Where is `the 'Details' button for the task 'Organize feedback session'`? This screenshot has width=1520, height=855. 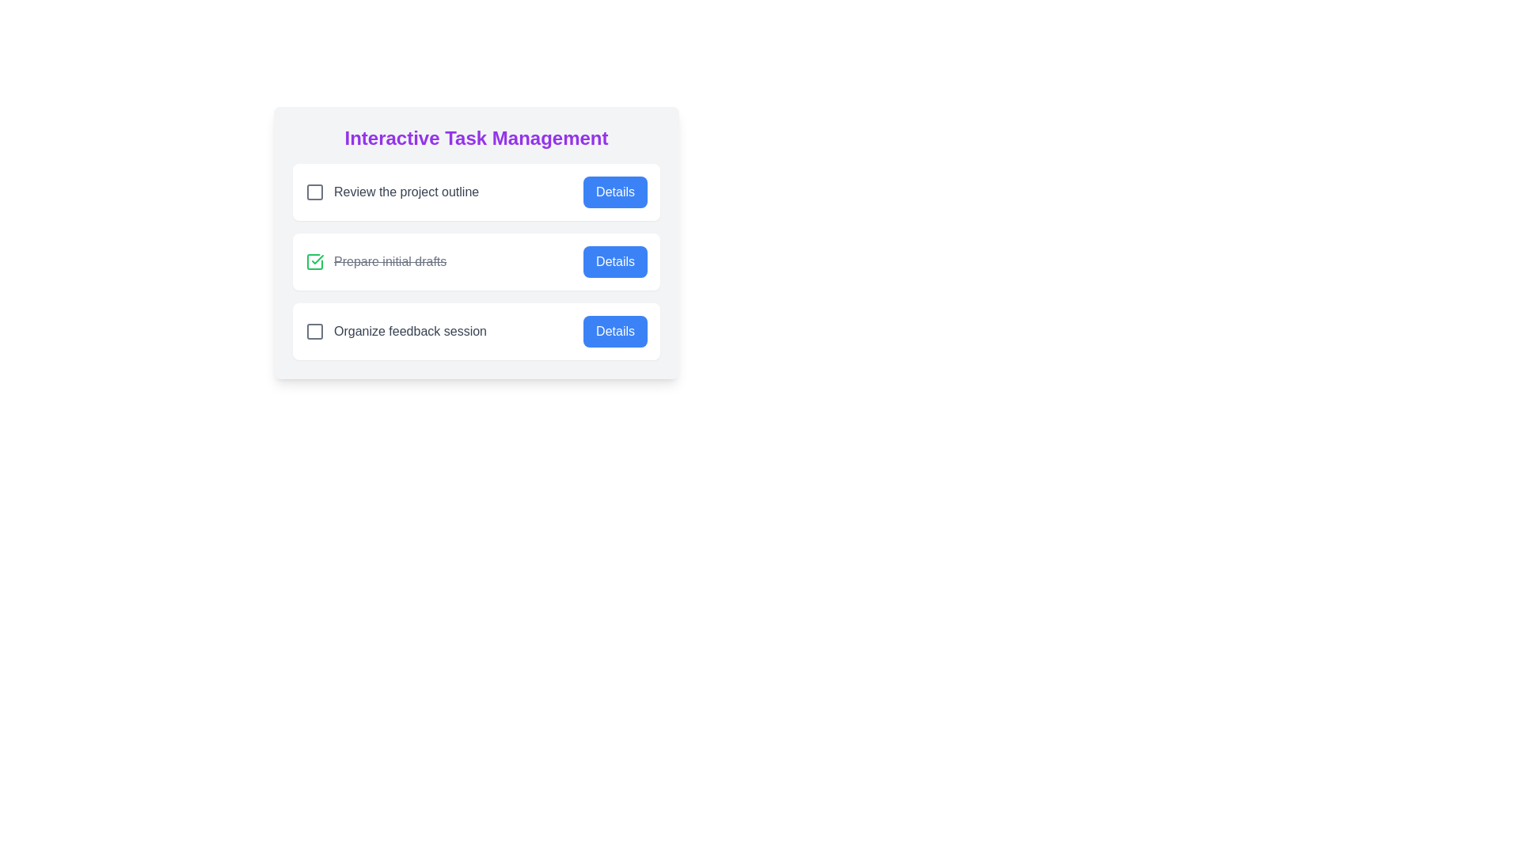
the 'Details' button for the task 'Organize feedback session' is located at coordinates (614, 331).